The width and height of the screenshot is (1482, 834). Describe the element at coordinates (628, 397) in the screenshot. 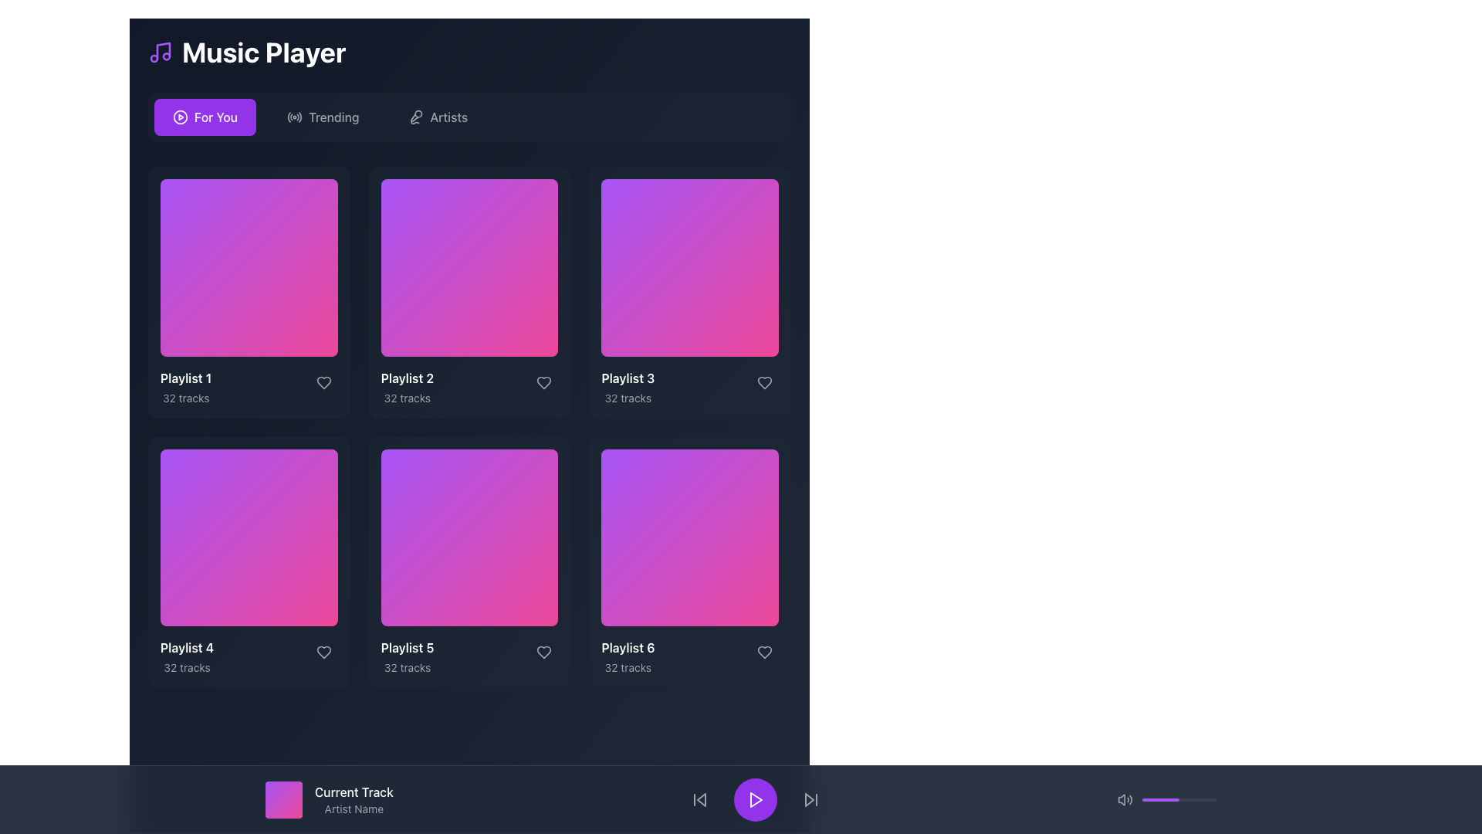

I see `the text label that reads '32 tracks', which is styled in light gray and located below the title 'Playlist 3' in the middle column of the playlist card` at that location.